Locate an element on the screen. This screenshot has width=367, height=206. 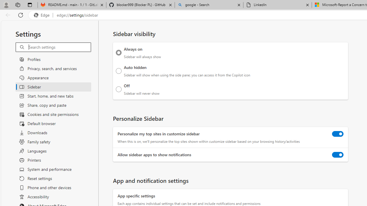
'Allow sidebar apps to show notifications' is located at coordinates (338, 155).